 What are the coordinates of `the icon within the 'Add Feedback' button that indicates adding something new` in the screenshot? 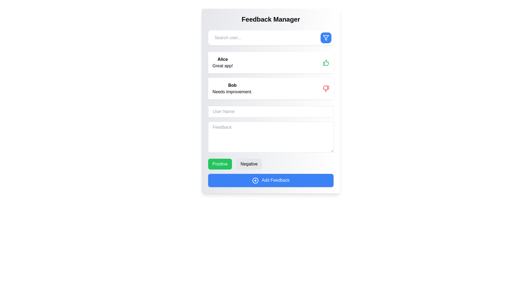 It's located at (255, 180).